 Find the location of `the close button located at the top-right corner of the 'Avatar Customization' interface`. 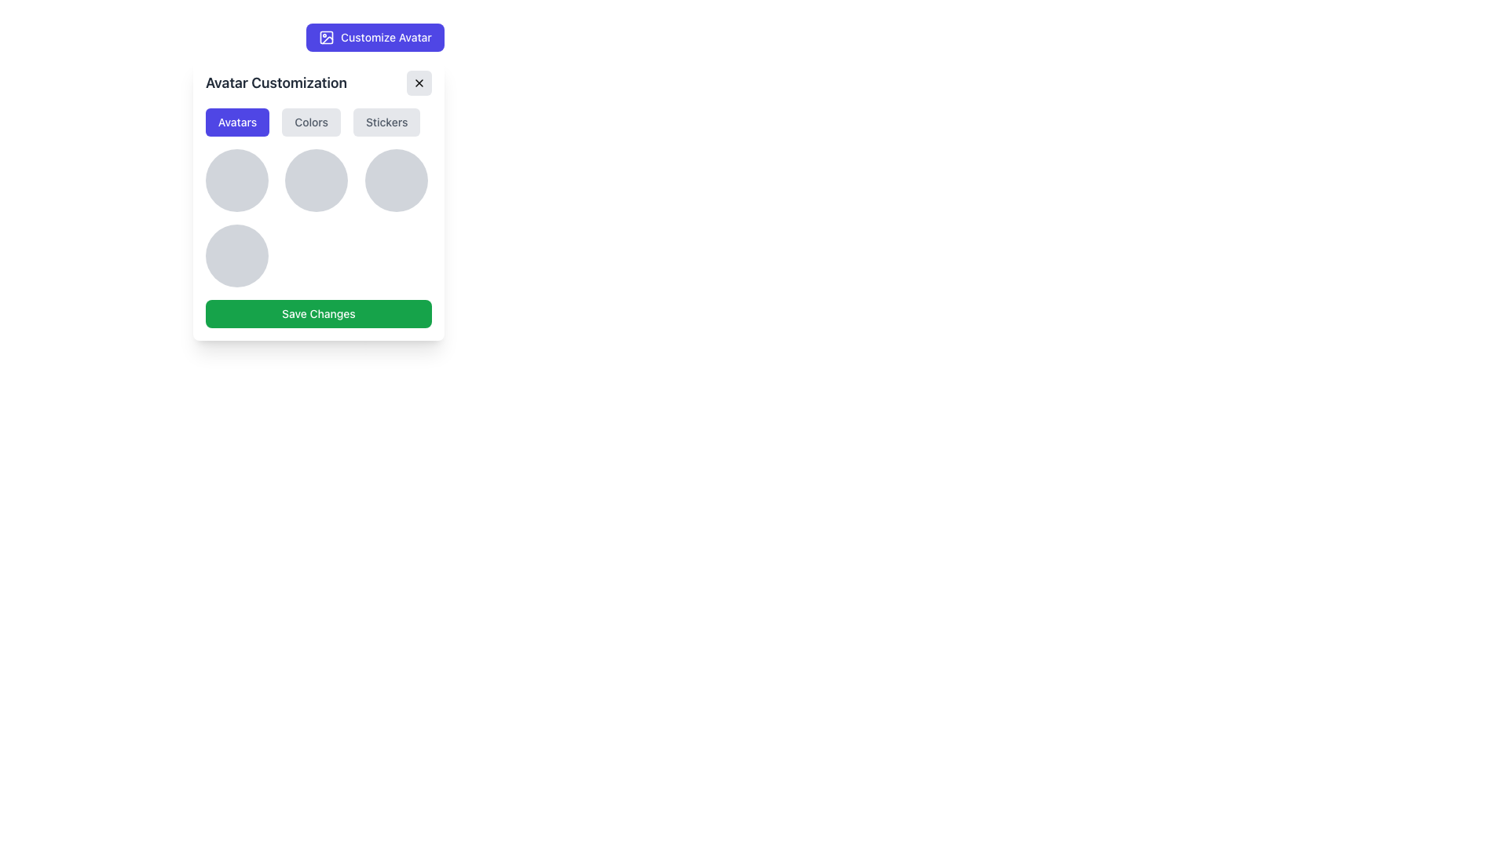

the close button located at the top-right corner of the 'Avatar Customization' interface is located at coordinates (419, 82).